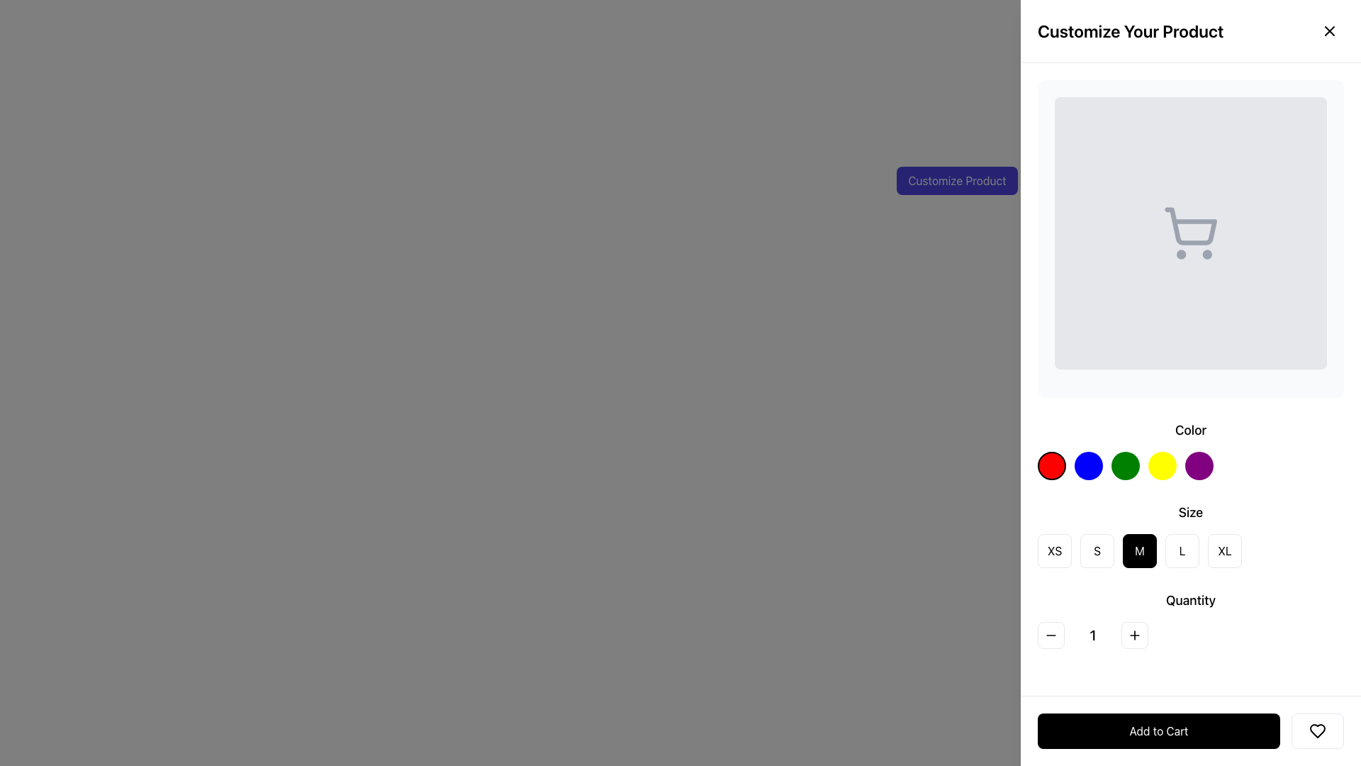 This screenshot has width=1361, height=766. What do you see at coordinates (1191, 601) in the screenshot?
I see `the text label that serves as a quantity label for the controls below it in the product customization panel` at bounding box center [1191, 601].